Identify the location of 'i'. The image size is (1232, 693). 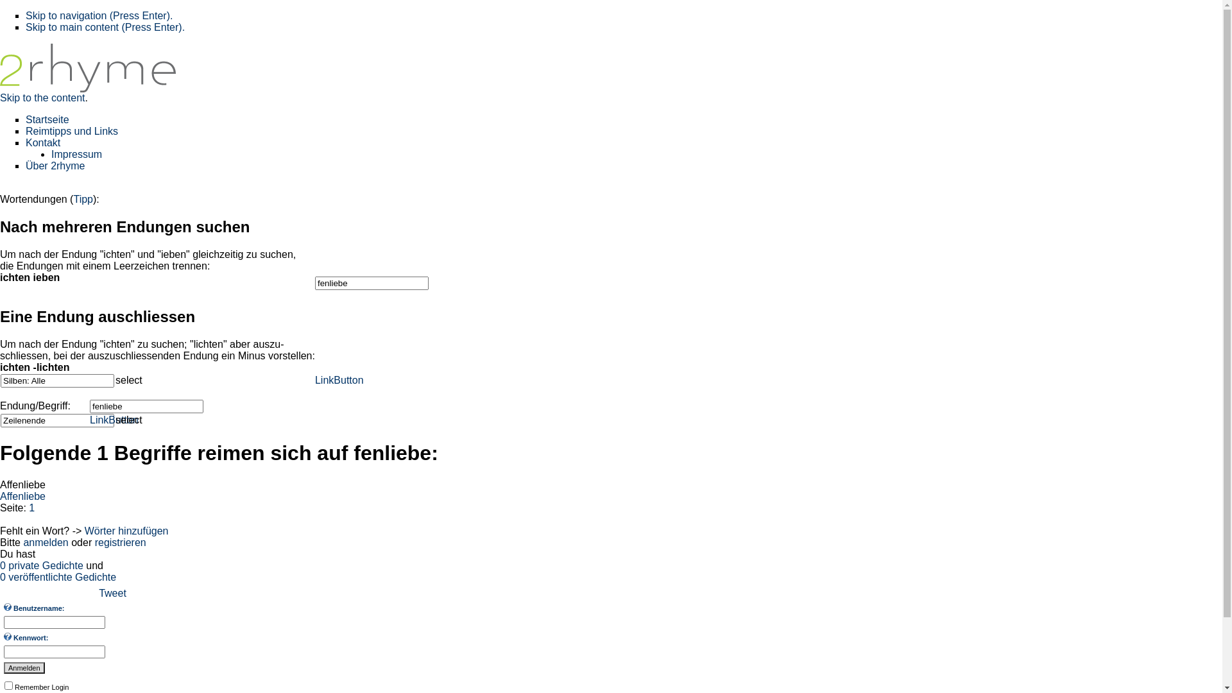
(26, 495).